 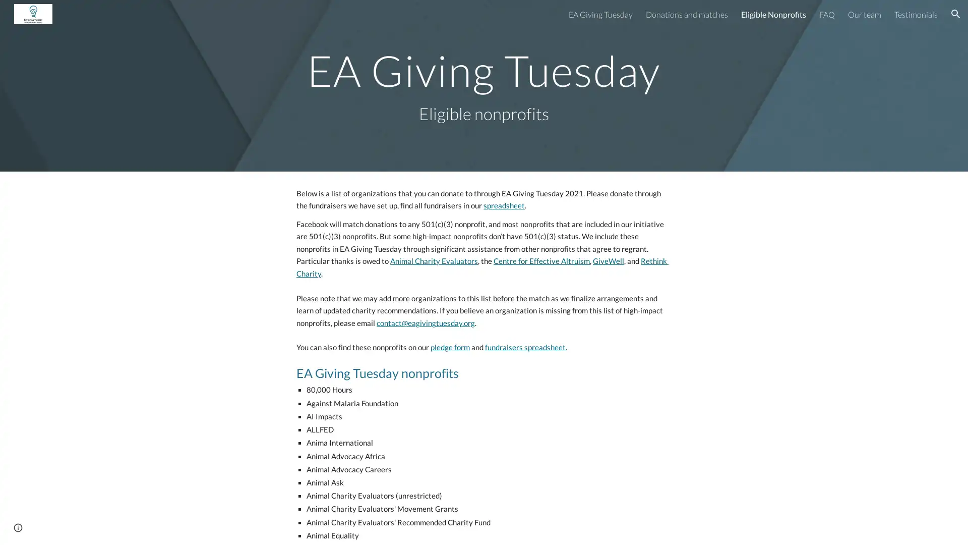 I want to click on Skip to navigation, so click(x=574, y=19).